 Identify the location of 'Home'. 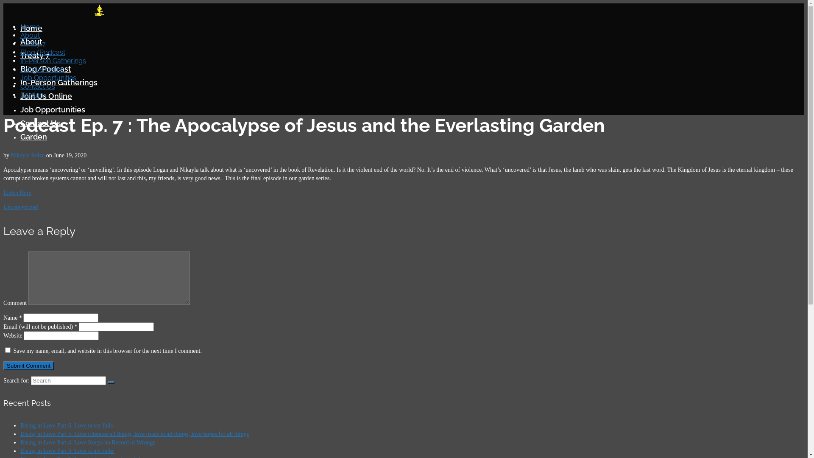
(30, 26).